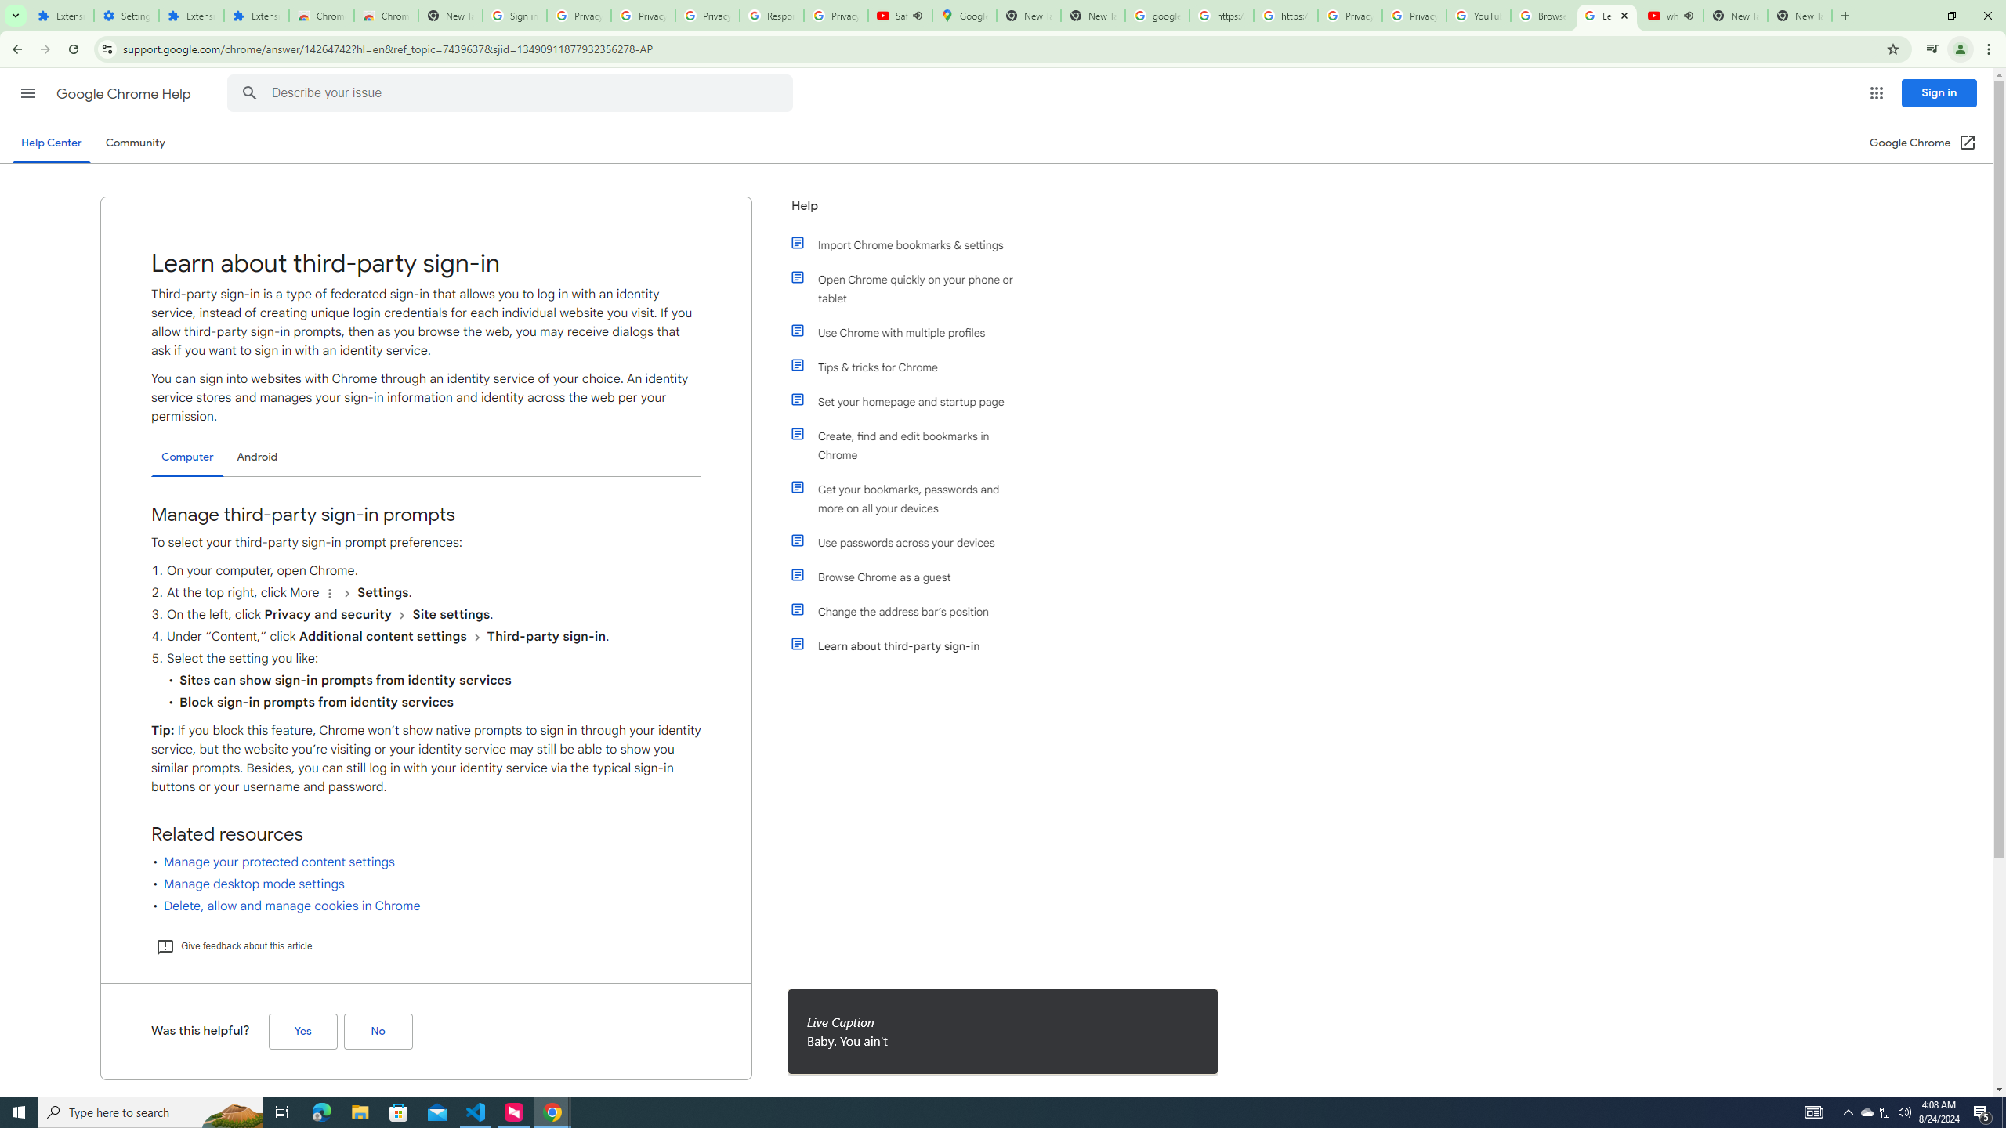  Describe the element at coordinates (233, 945) in the screenshot. I see `'Give feedback about this article'` at that location.